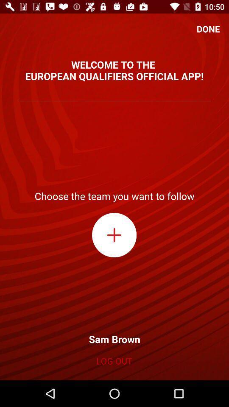 The width and height of the screenshot is (229, 407). I want to click on the done, so click(208, 29).